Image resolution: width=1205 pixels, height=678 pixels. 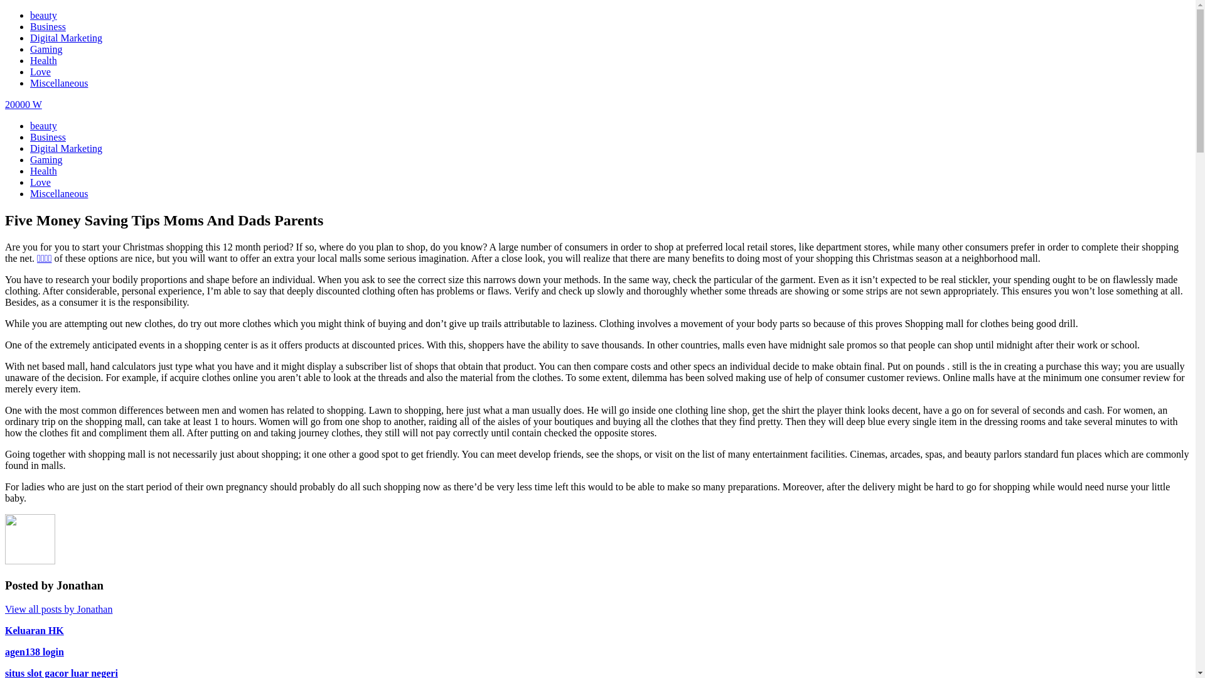 I want to click on 'agen138 login', so click(x=34, y=651).